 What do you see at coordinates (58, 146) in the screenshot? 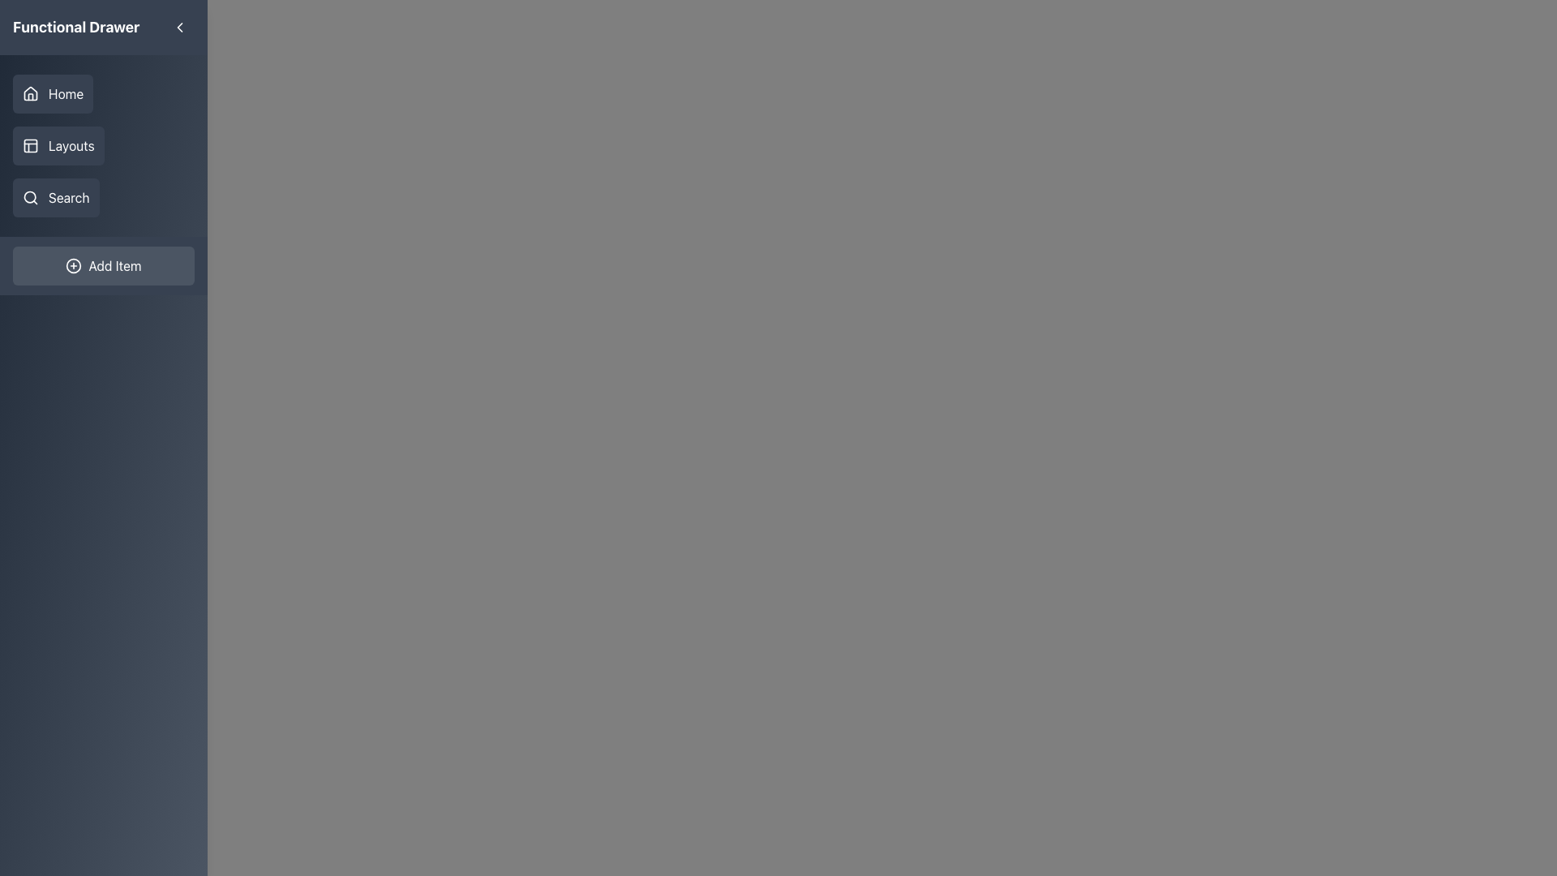
I see `the 'Layouts' navigation button located in the sidebar menu` at bounding box center [58, 146].